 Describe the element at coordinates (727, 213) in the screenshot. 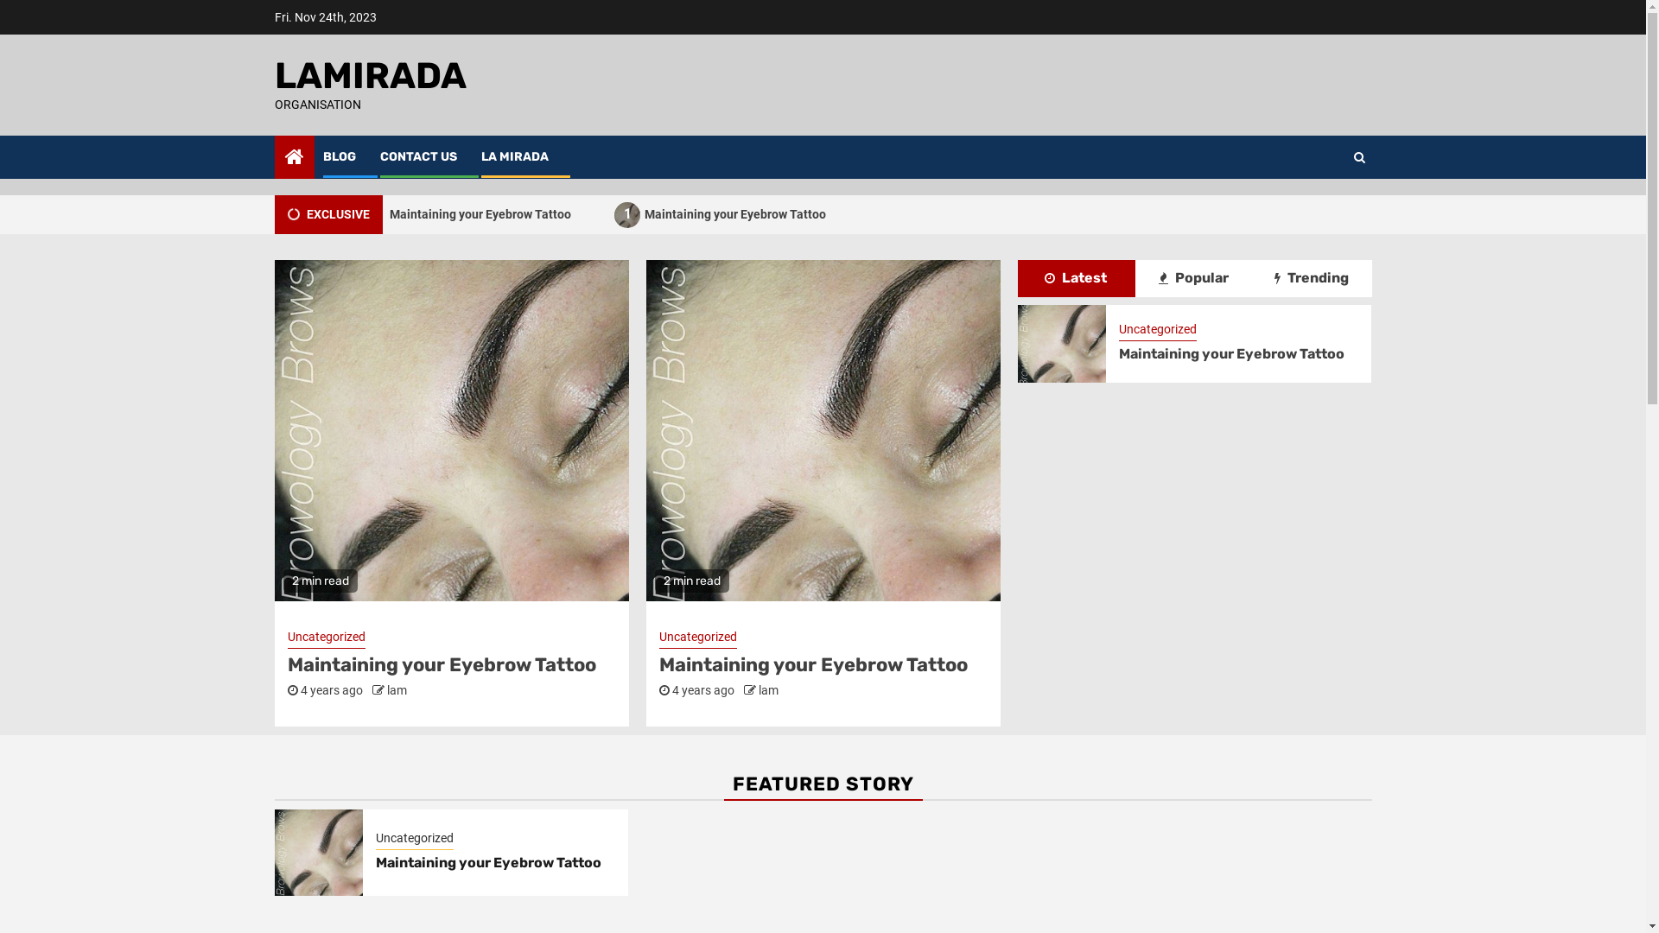

I see `'1` at that location.